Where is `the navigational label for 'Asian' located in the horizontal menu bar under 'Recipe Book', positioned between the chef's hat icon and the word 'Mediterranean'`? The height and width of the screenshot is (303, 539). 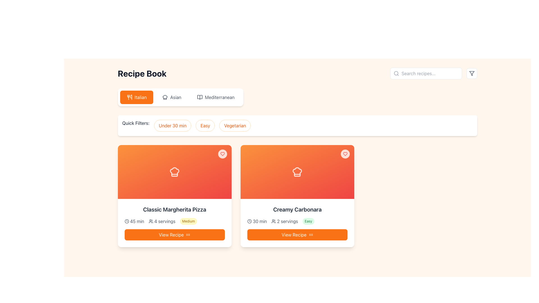 the navigational label for 'Asian' located in the horizontal menu bar under 'Recipe Book', positioned between the chef's hat icon and the word 'Mediterranean' is located at coordinates (175, 97).